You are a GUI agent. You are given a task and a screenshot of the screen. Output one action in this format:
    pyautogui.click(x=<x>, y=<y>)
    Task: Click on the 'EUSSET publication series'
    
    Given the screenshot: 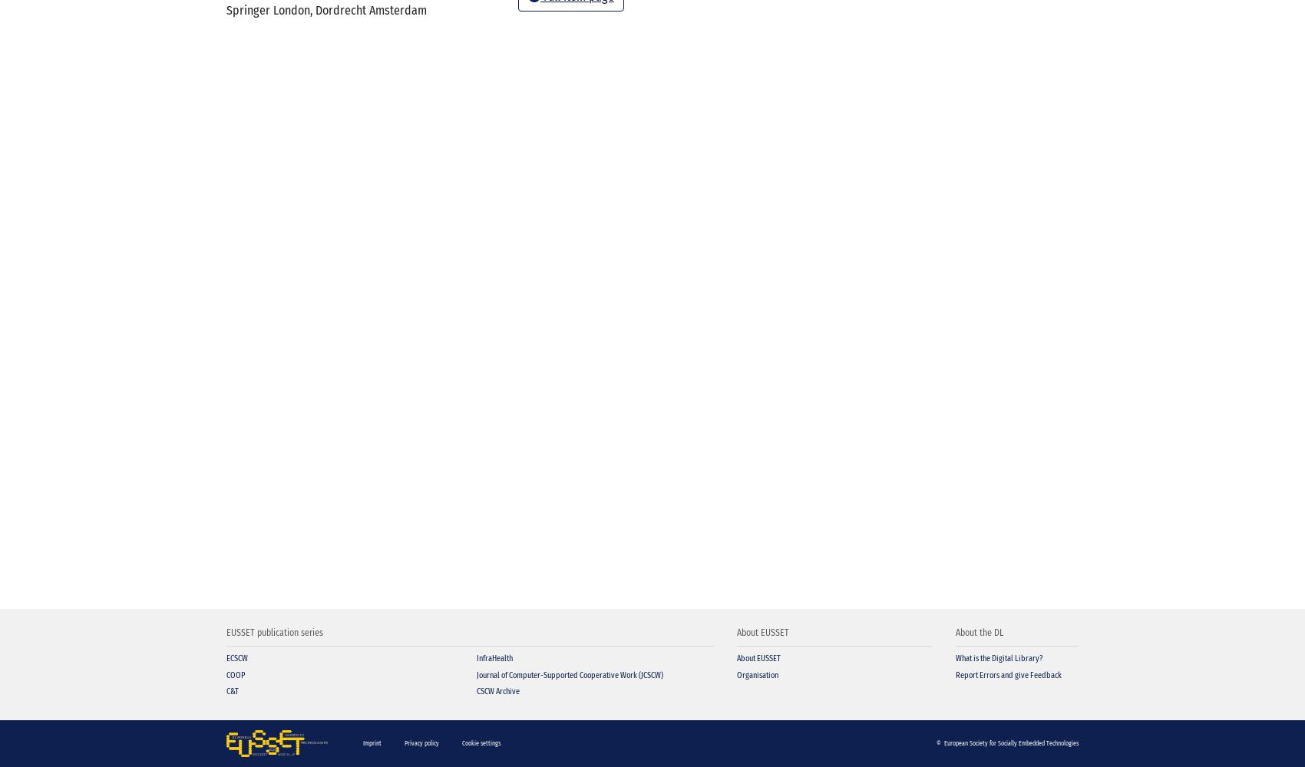 What is the action you would take?
    pyautogui.click(x=274, y=632)
    